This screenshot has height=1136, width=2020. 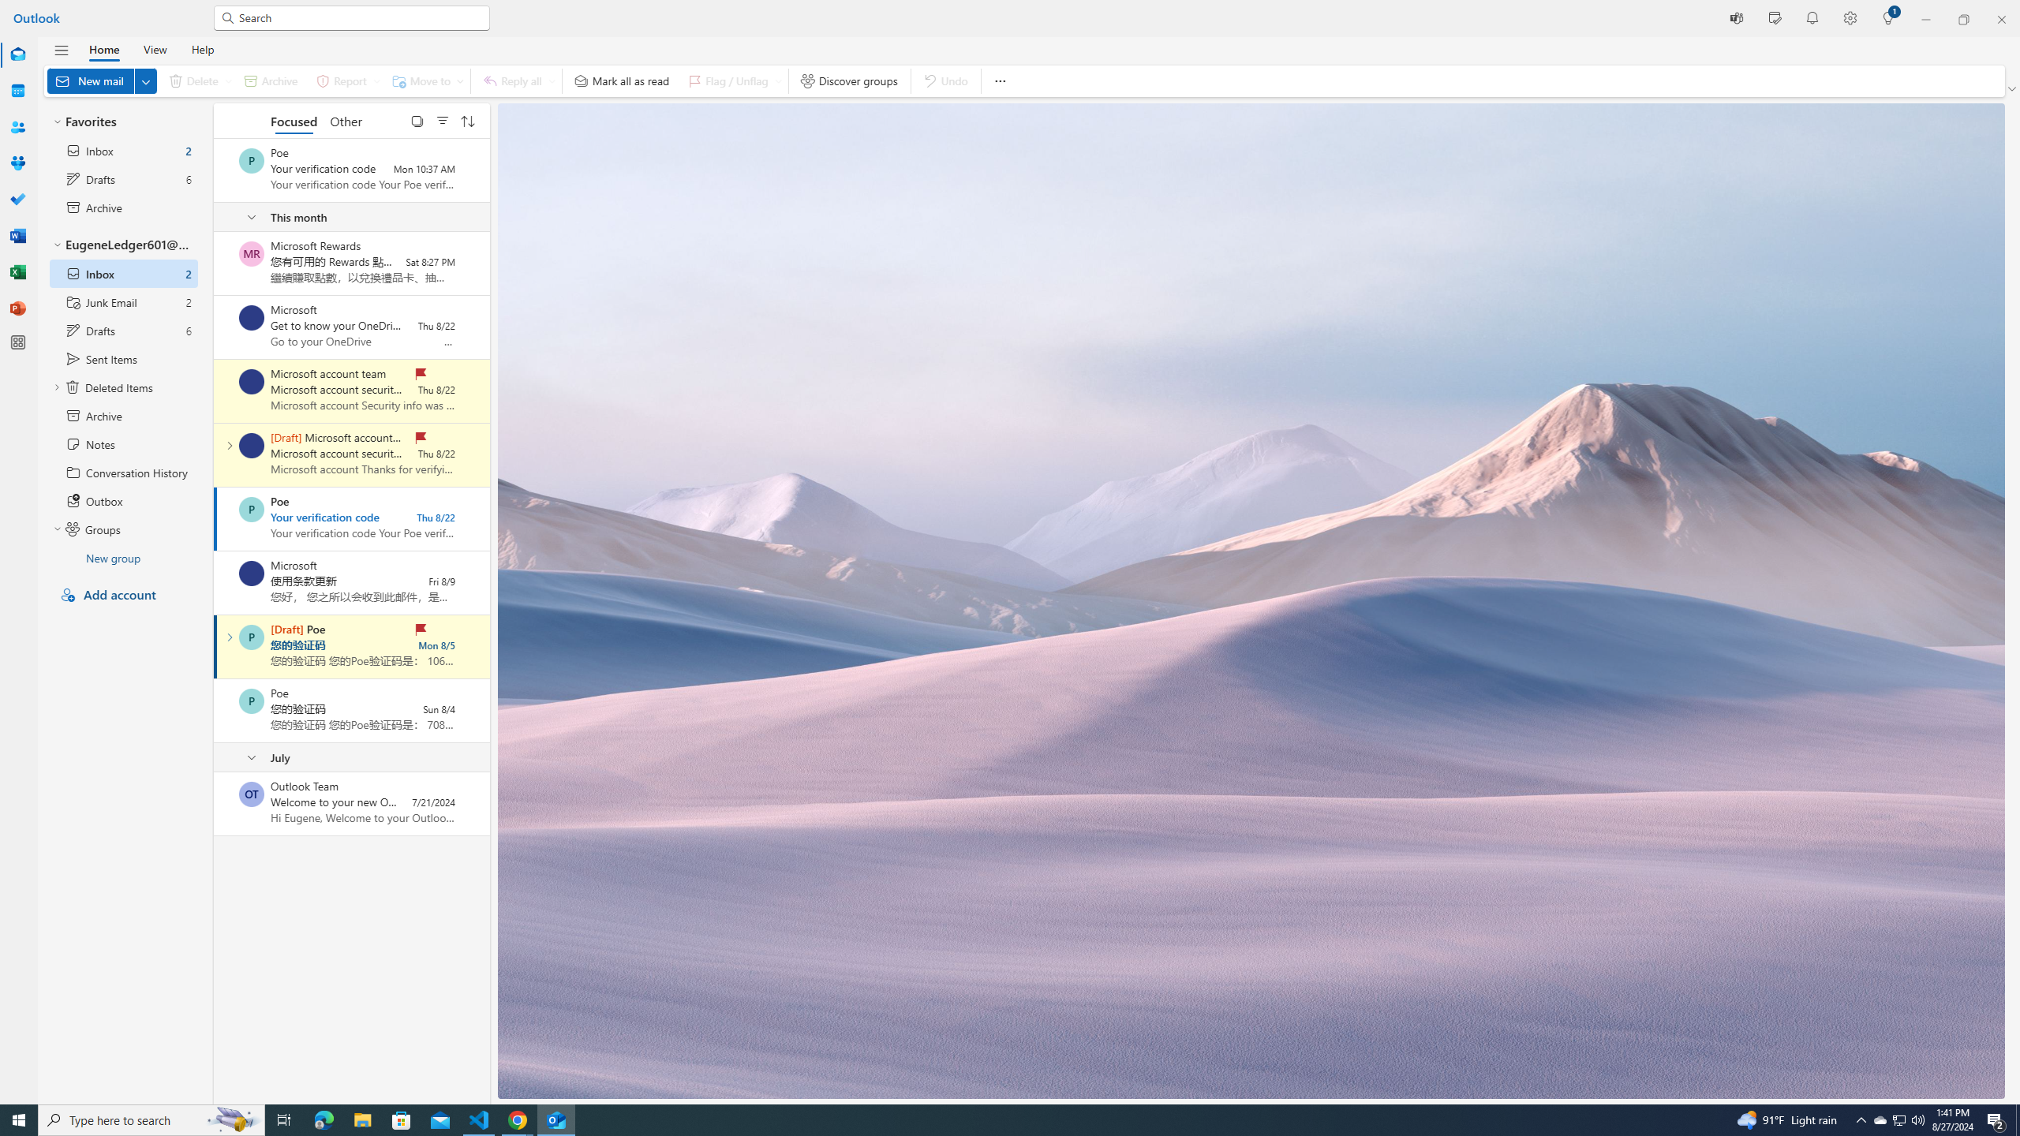 I want to click on 'PowerPoint', so click(x=18, y=308).